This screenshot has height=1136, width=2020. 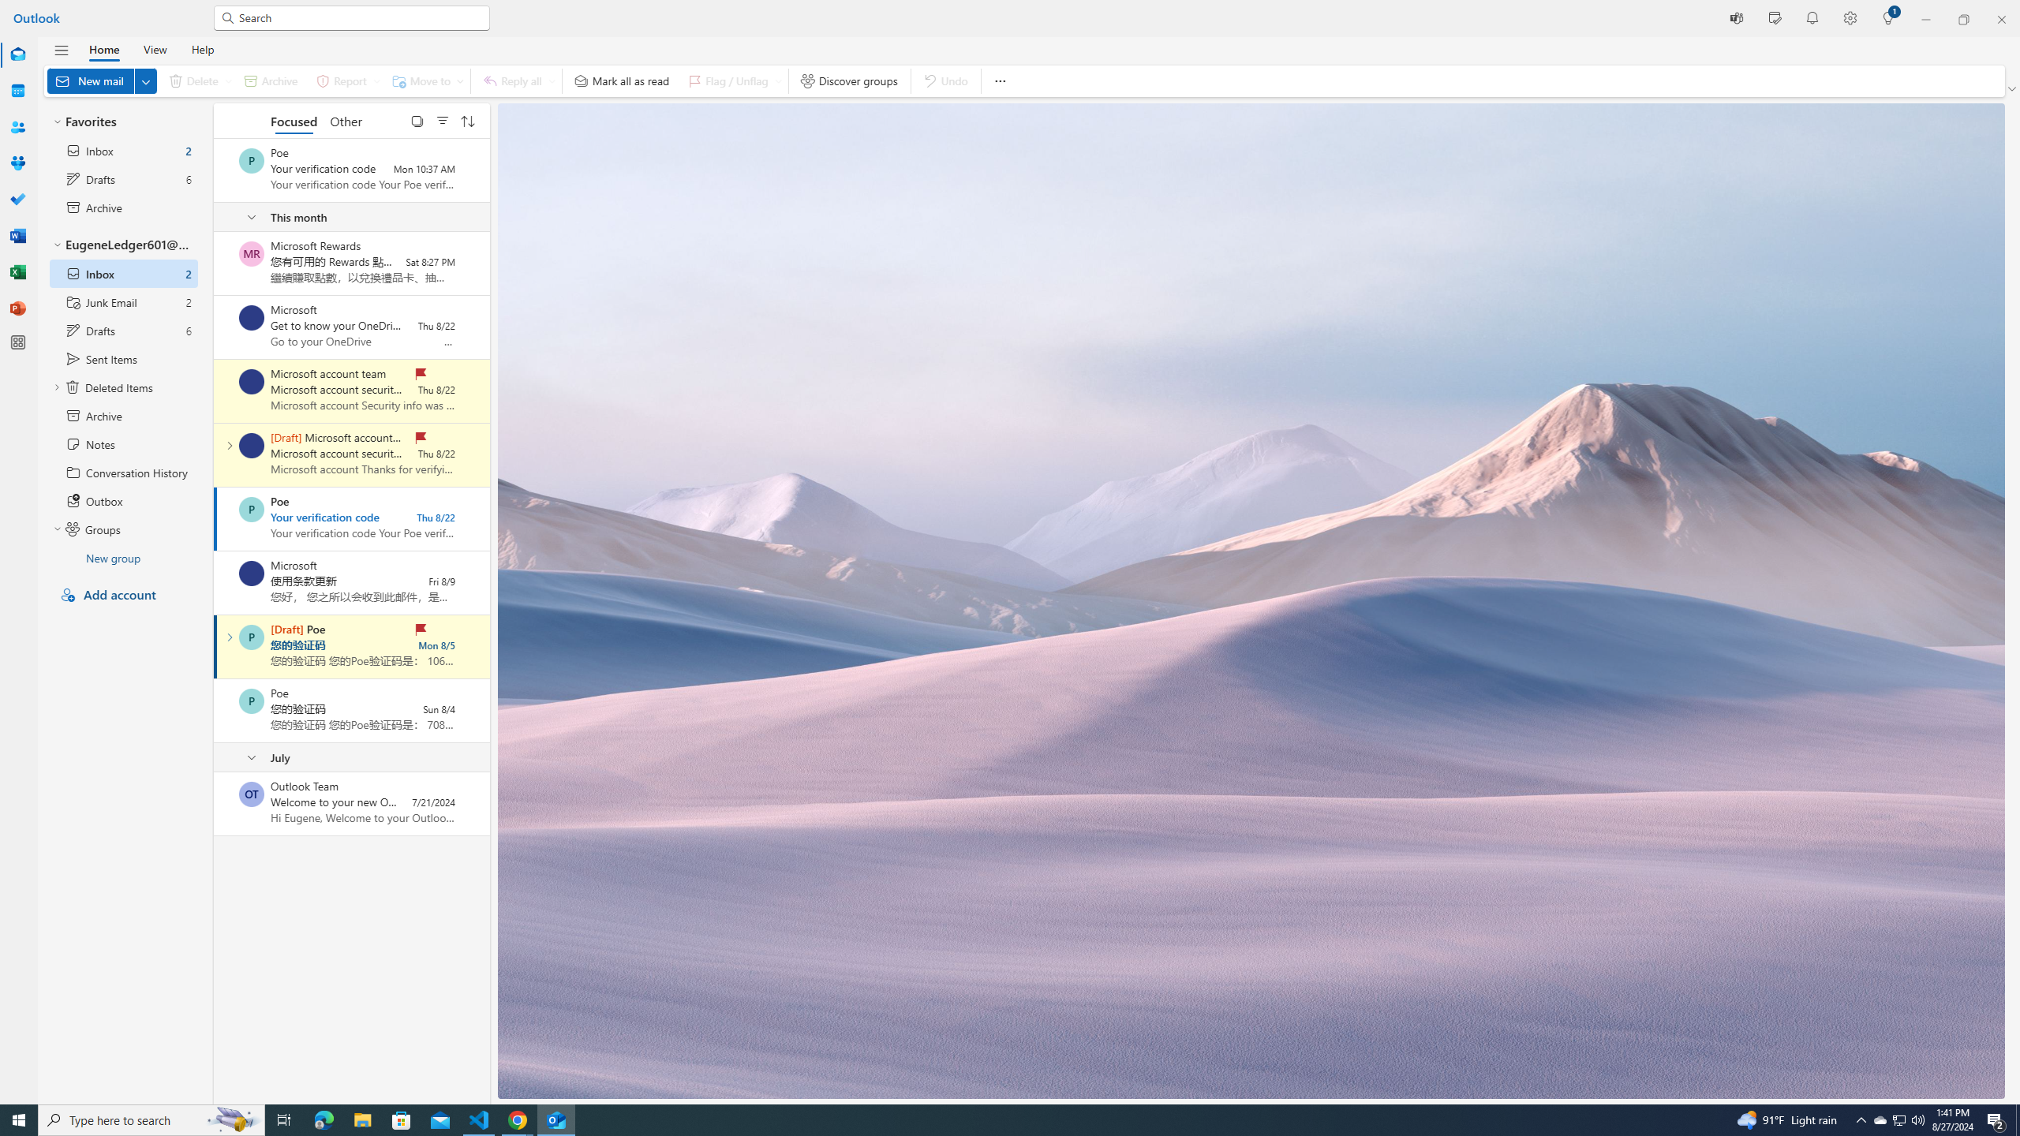 I want to click on 'PowerPoint', so click(x=18, y=308).